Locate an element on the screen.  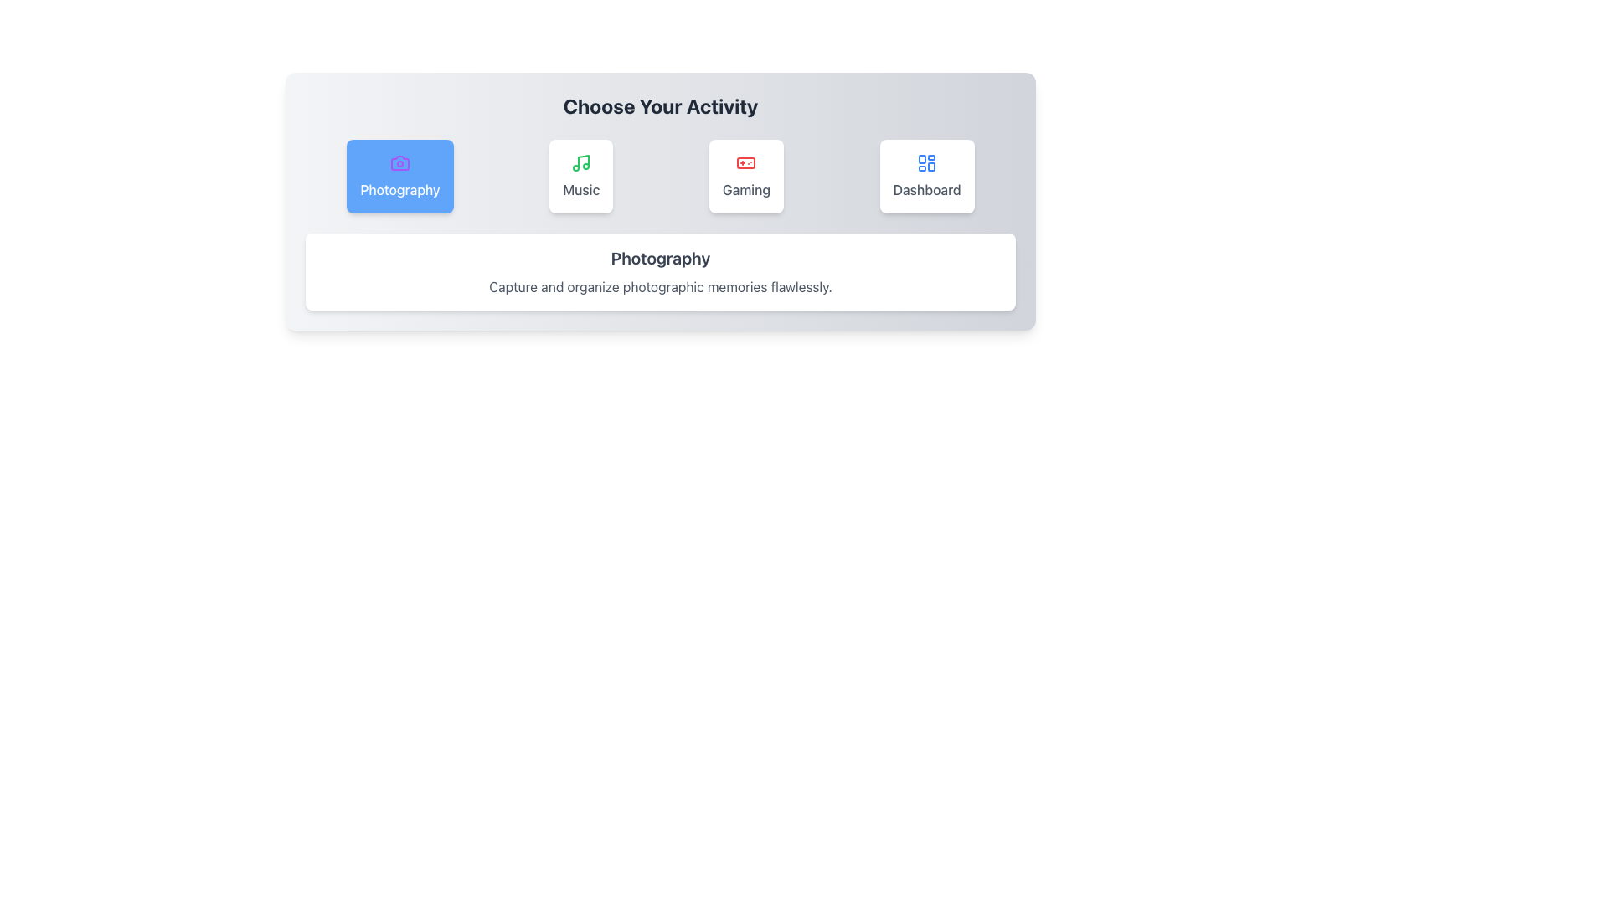
the text label that provides a descriptive title for the 'Gaming' activity option, positioned below the gamepad icon in the card labeled 'Choose Your Activity' is located at coordinates (745, 189).